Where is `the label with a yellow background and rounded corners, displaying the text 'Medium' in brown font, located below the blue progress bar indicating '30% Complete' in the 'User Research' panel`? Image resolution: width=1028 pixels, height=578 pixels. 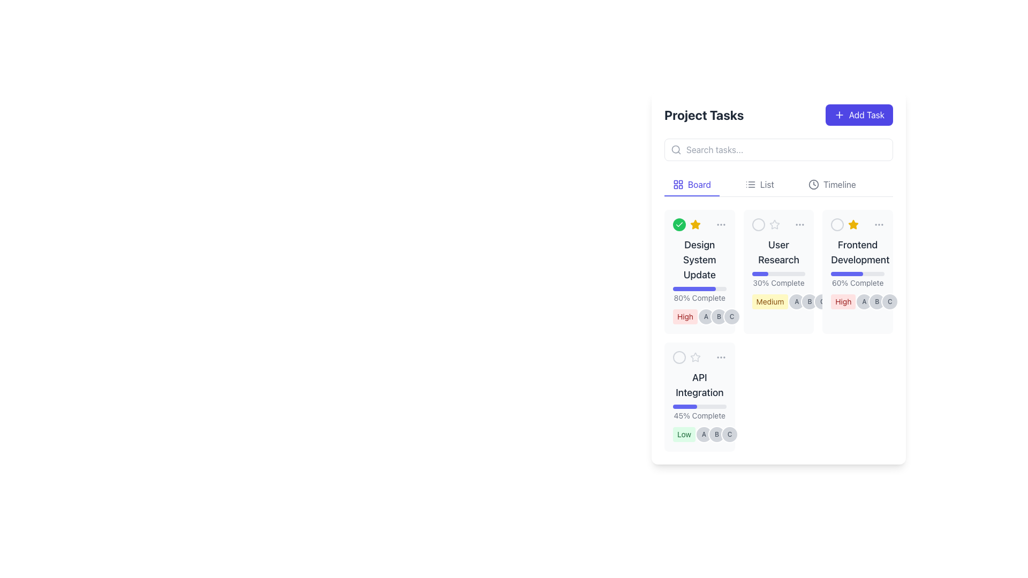 the label with a yellow background and rounded corners, displaying the text 'Medium' in brown font, located below the blue progress bar indicating '30% Complete' in the 'User Research' panel is located at coordinates (769, 301).